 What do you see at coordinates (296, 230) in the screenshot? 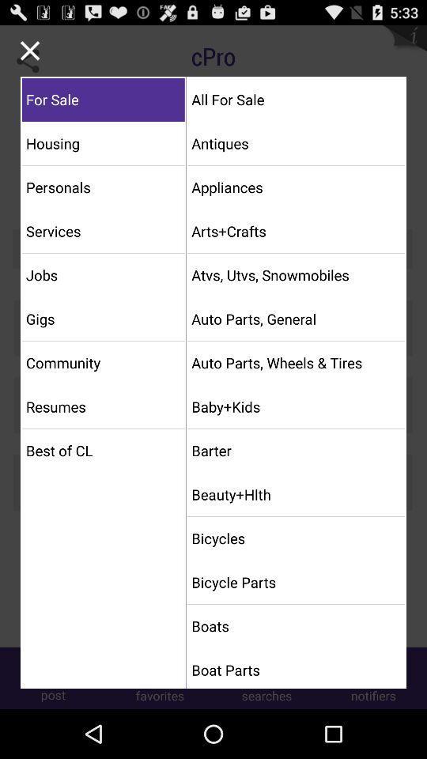
I see `arts+crafts app` at bounding box center [296, 230].